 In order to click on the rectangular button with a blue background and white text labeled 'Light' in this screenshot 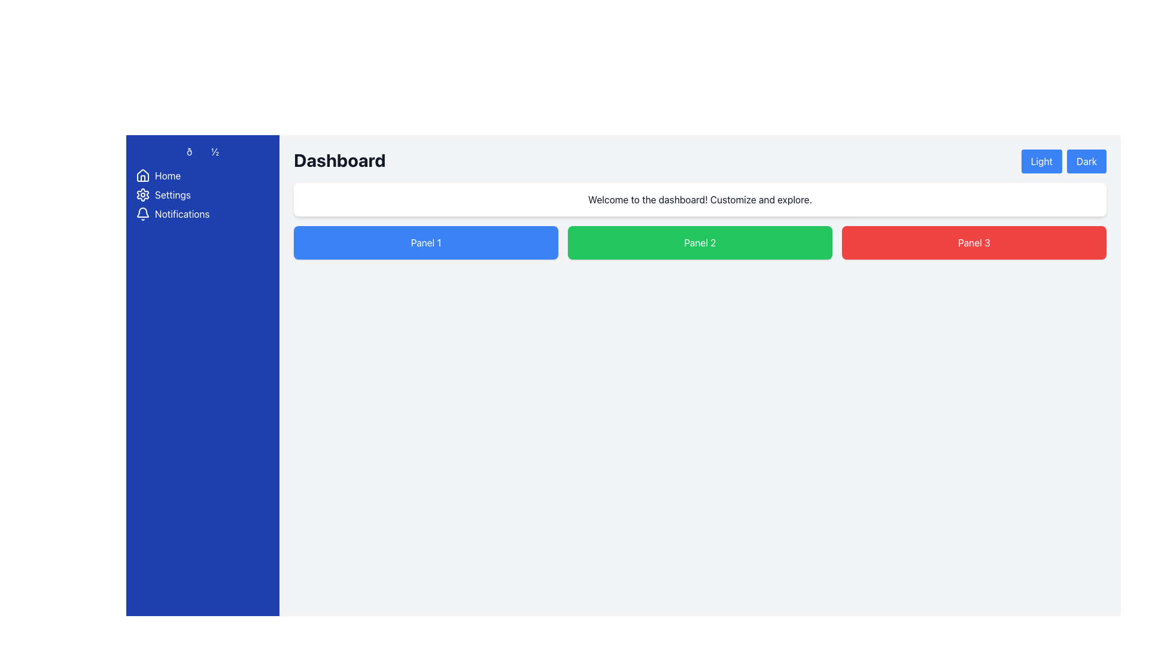, I will do `click(1040, 161)`.